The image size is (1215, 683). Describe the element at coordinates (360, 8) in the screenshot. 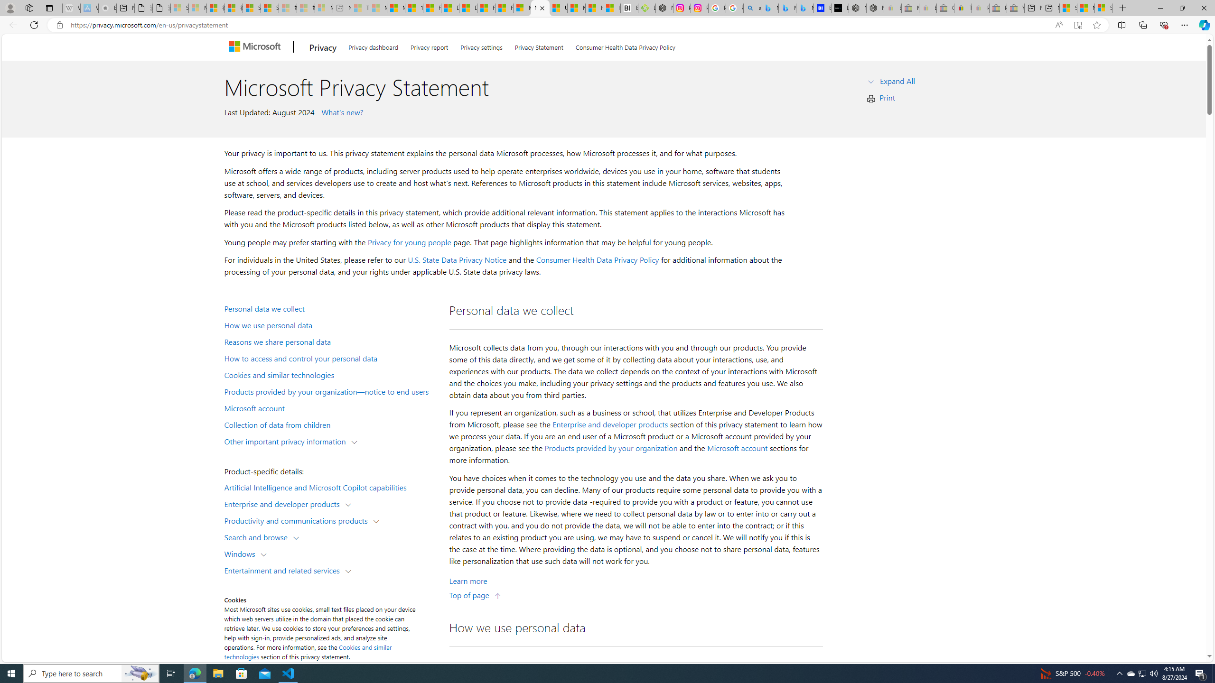

I see `'Top Stories - MSN - Sleeping'` at that location.